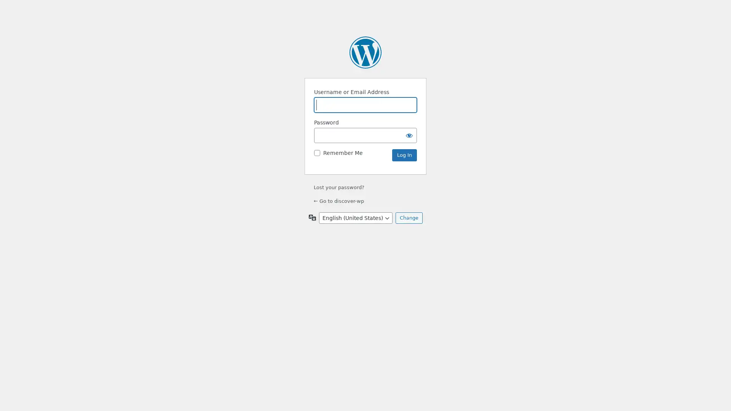 The image size is (731, 411). Describe the element at coordinates (409, 135) in the screenshot. I see `Show password` at that location.